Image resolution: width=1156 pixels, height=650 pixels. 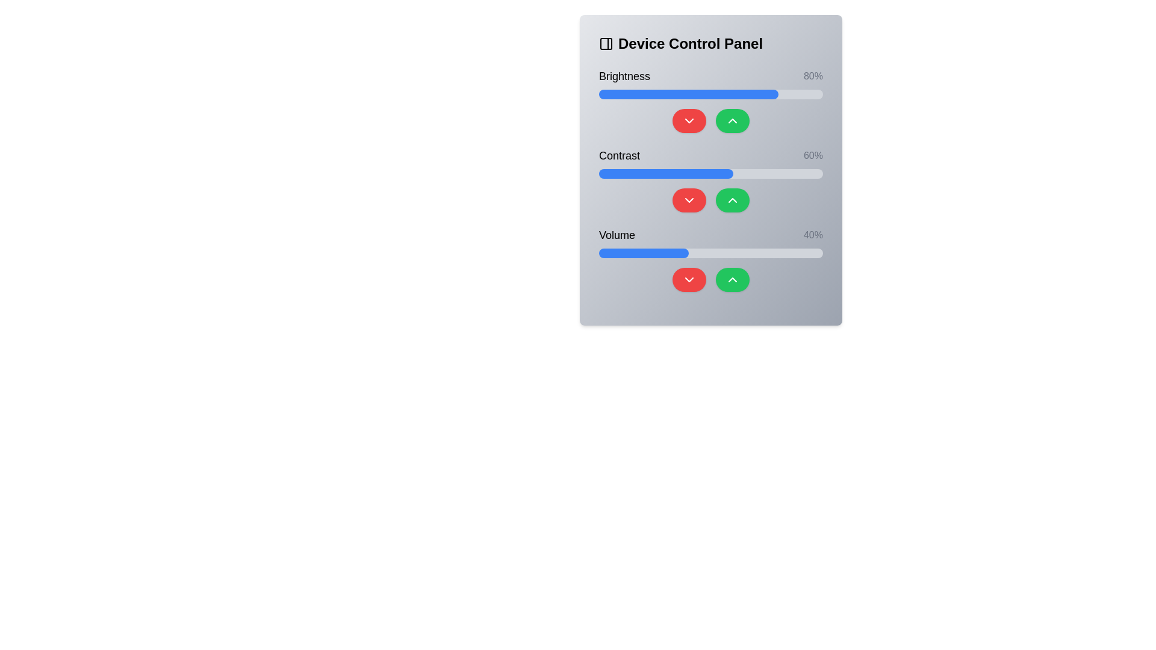 What do you see at coordinates (677, 174) in the screenshot?
I see `the contrast` at bounding box center [677, 174].